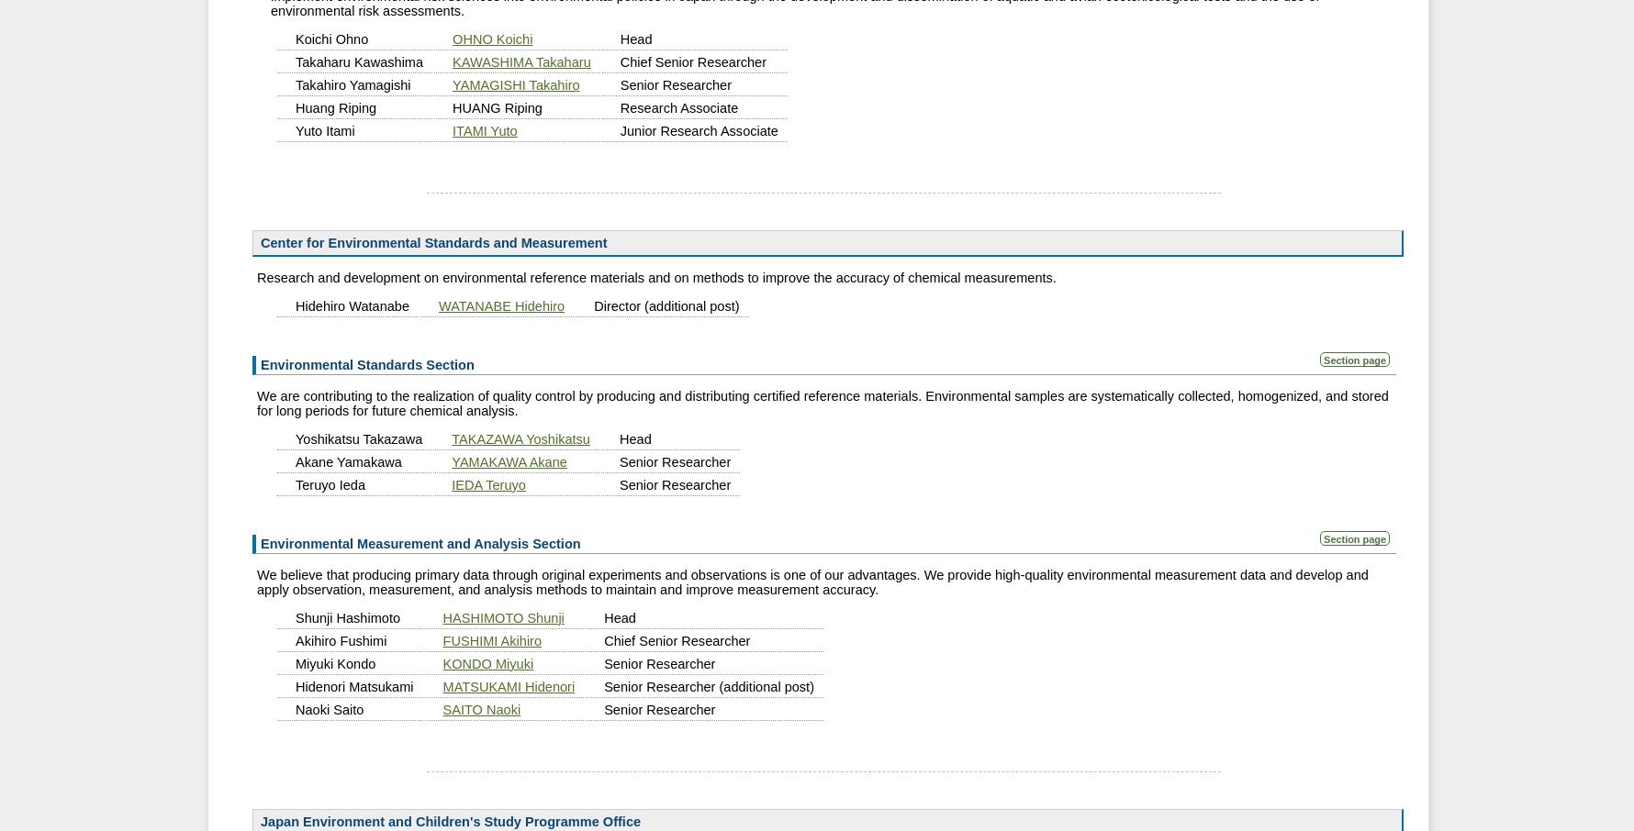  Describe the element at coordinates (677, 105) in the screenshot. I see `'Research Associate'` at that location.